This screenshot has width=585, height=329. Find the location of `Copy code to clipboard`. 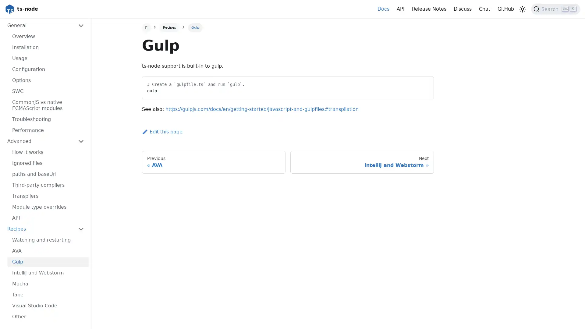

Copy code to clipboard is located at coordinates (423, 83).